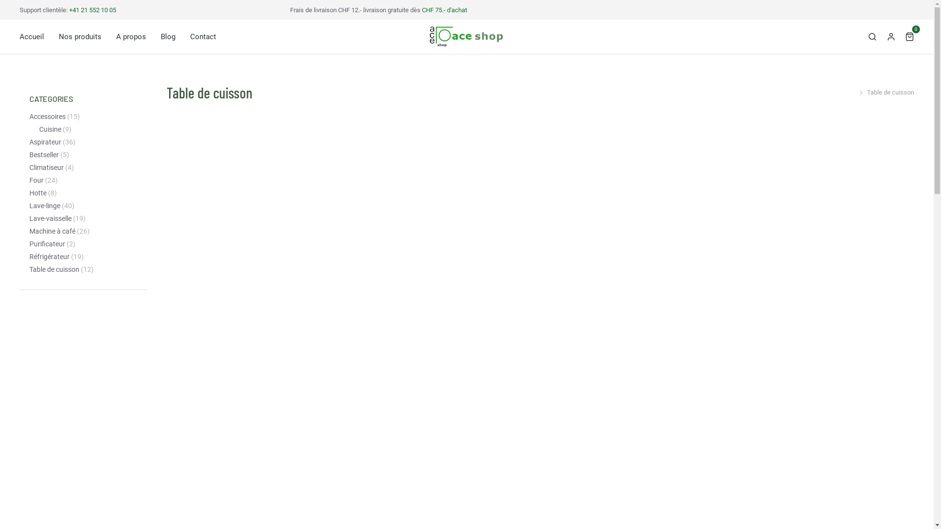  What do you see at coordinates (130, 36) in the screenshot?
I see `'A propos'` at bounding box center [130, 36].